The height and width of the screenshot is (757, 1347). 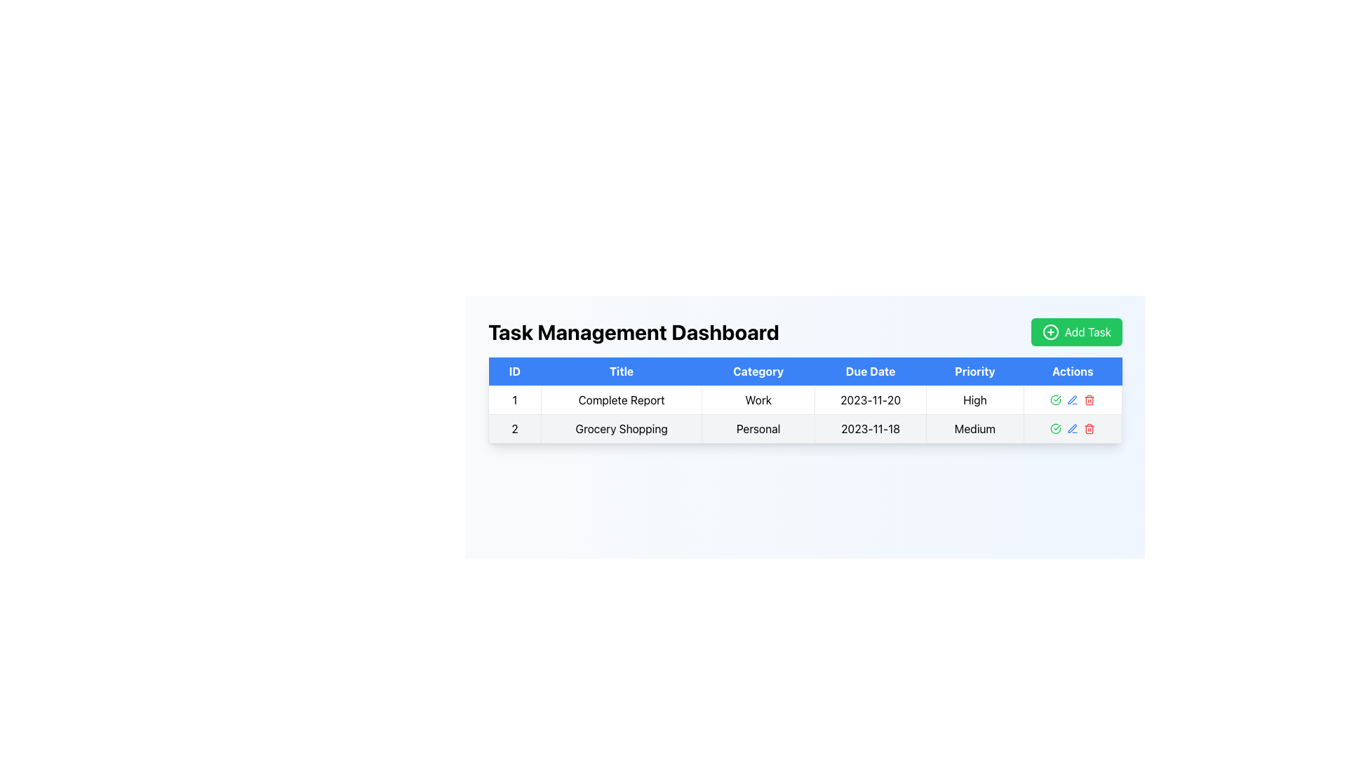 What do you see at coordinates (1089, 400) in the screenshot?
I see `the red trash bin icon located in the action section of the second row in the task management table to observe its hover effects` at bounding box center [1089, 400].